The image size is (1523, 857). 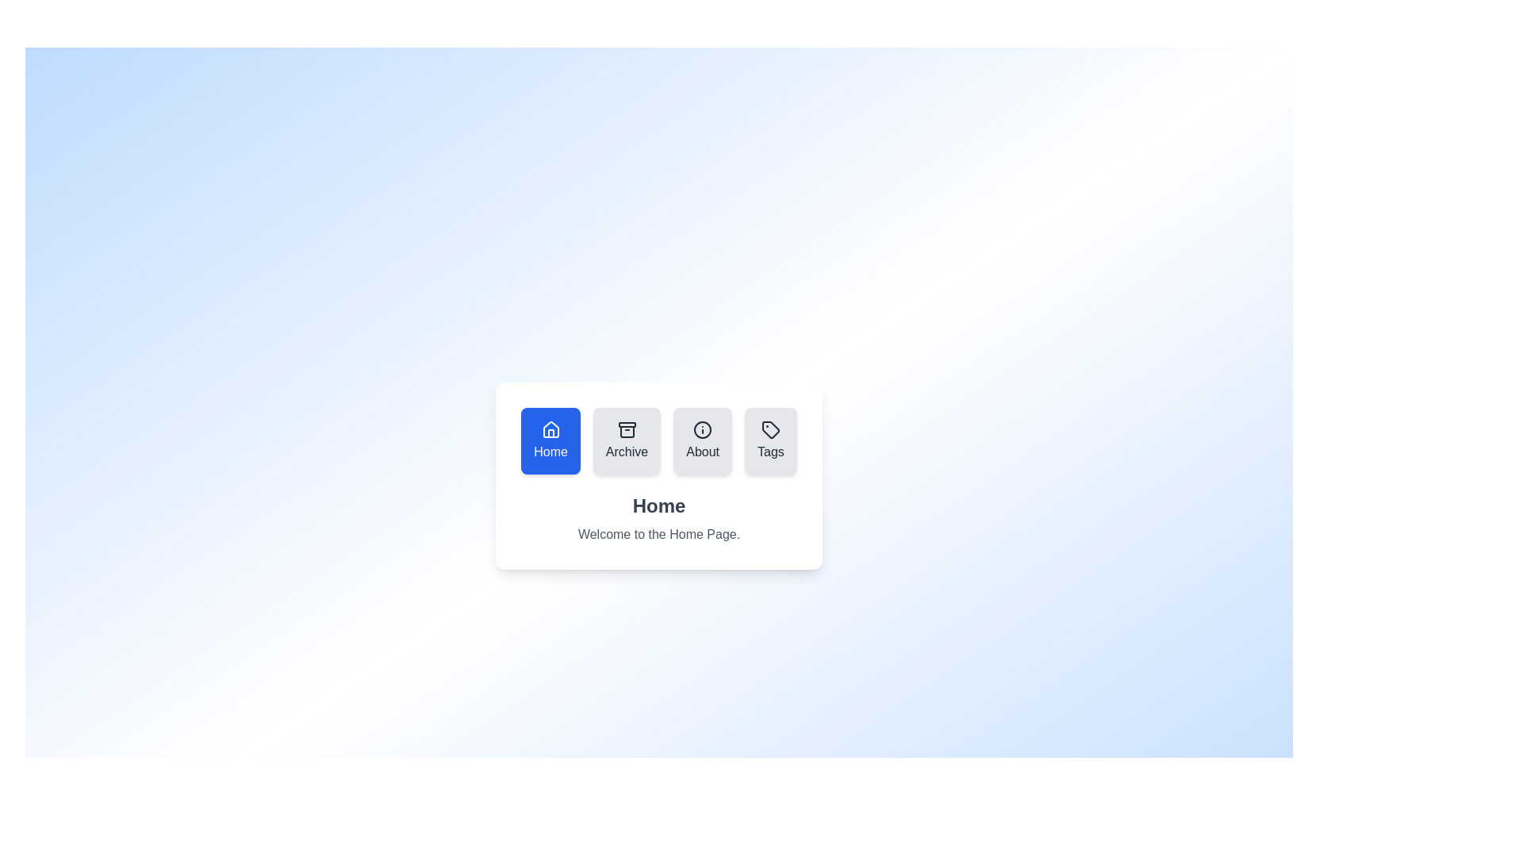 I want to click on the About tab by clicking on its button, so click(x=702, y=440).